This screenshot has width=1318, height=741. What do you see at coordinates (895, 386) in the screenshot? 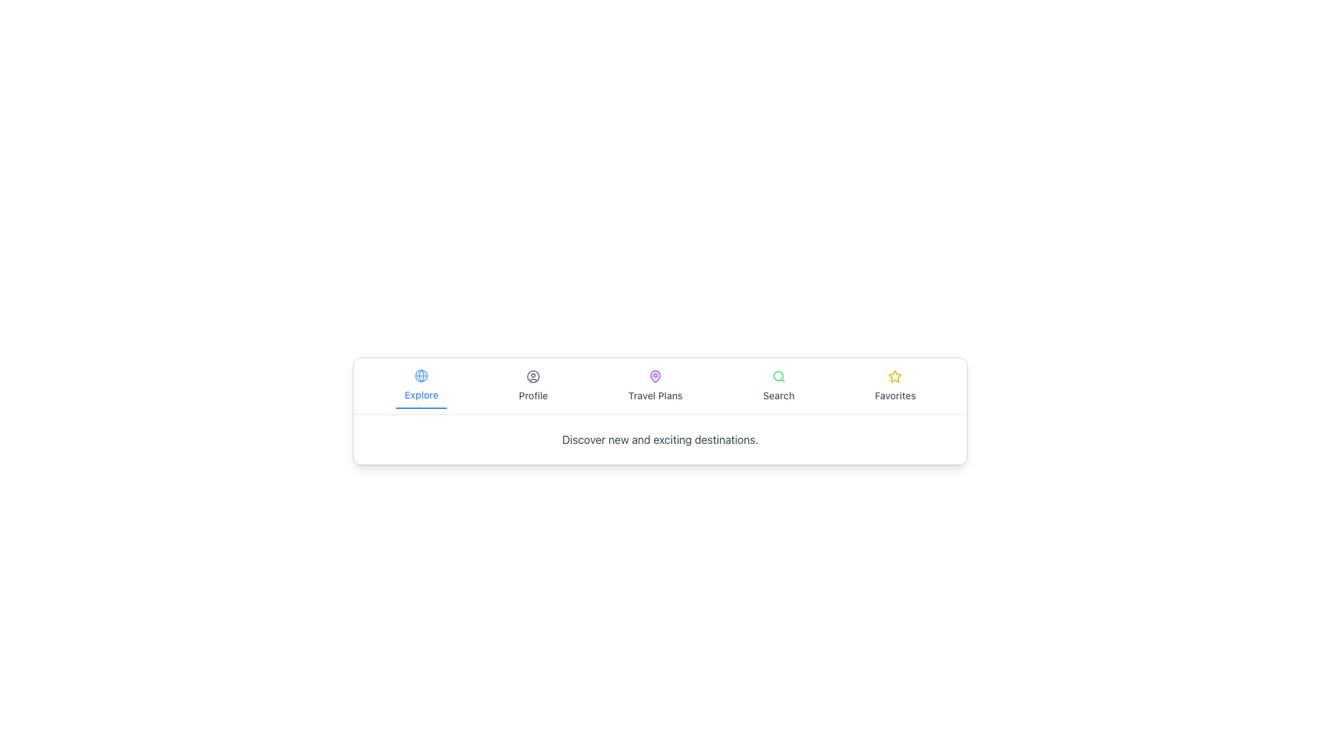
I see `the last menu item in the horizontal navigation menu at the bottom of the interface` at bounding box center [895, 386].